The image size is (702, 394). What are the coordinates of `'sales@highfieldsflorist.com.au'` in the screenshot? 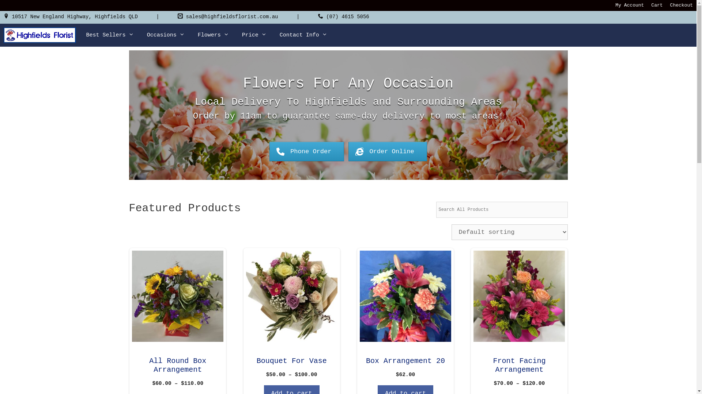 It's located at (231, 16).